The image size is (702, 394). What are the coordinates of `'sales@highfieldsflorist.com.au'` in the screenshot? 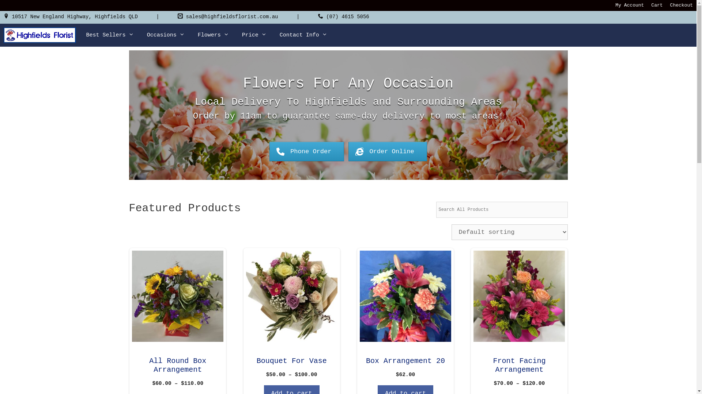 It's located at (231, 16).